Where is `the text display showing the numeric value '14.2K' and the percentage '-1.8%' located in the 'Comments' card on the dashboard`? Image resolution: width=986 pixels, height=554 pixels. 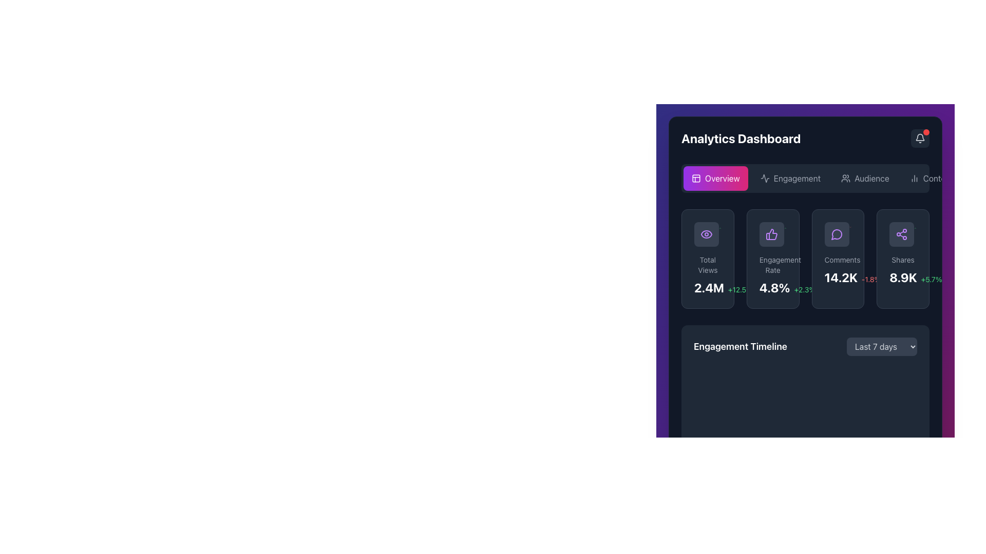 the text display showing the numeric value '14.2K' and the percentage '-1.8%' located in the 'Comments' card on the dashboard is located at coordinates (838, 277).